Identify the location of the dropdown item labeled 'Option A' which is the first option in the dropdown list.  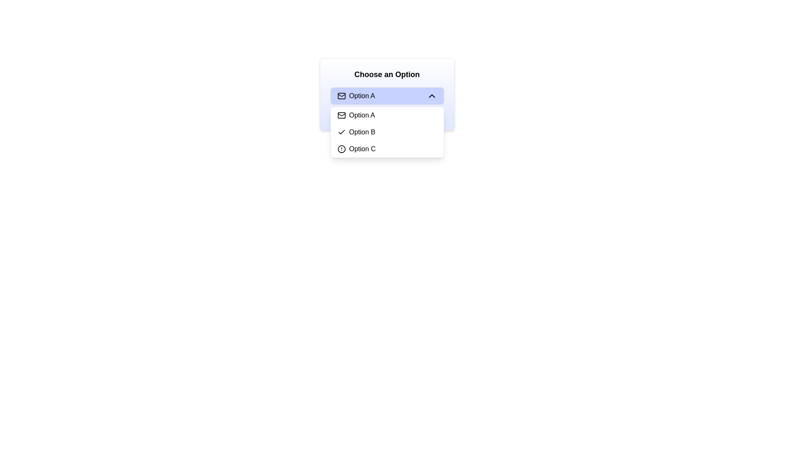
(386, 115).